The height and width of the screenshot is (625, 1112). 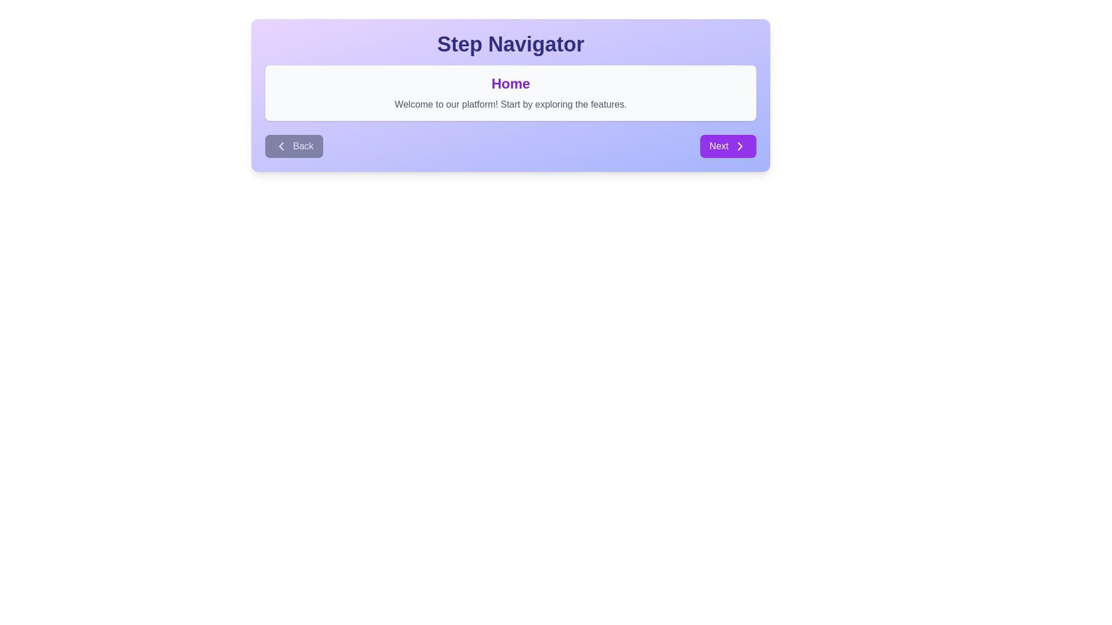 What do you see at coordinates (510, 83) in the screenshot?
I see `the 'Home' text label, which is a large, bold purple font displayed at the top of a card, directly above a welcome message` at bounding box center [510, 83].